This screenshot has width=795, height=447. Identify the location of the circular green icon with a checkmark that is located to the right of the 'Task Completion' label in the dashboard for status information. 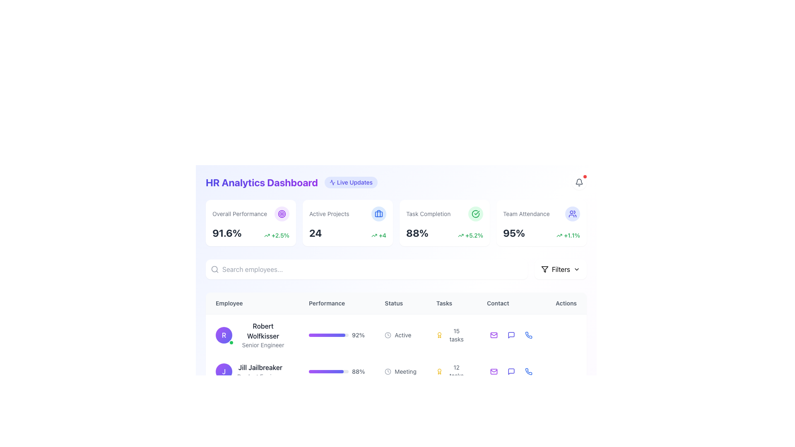
(475, 213).